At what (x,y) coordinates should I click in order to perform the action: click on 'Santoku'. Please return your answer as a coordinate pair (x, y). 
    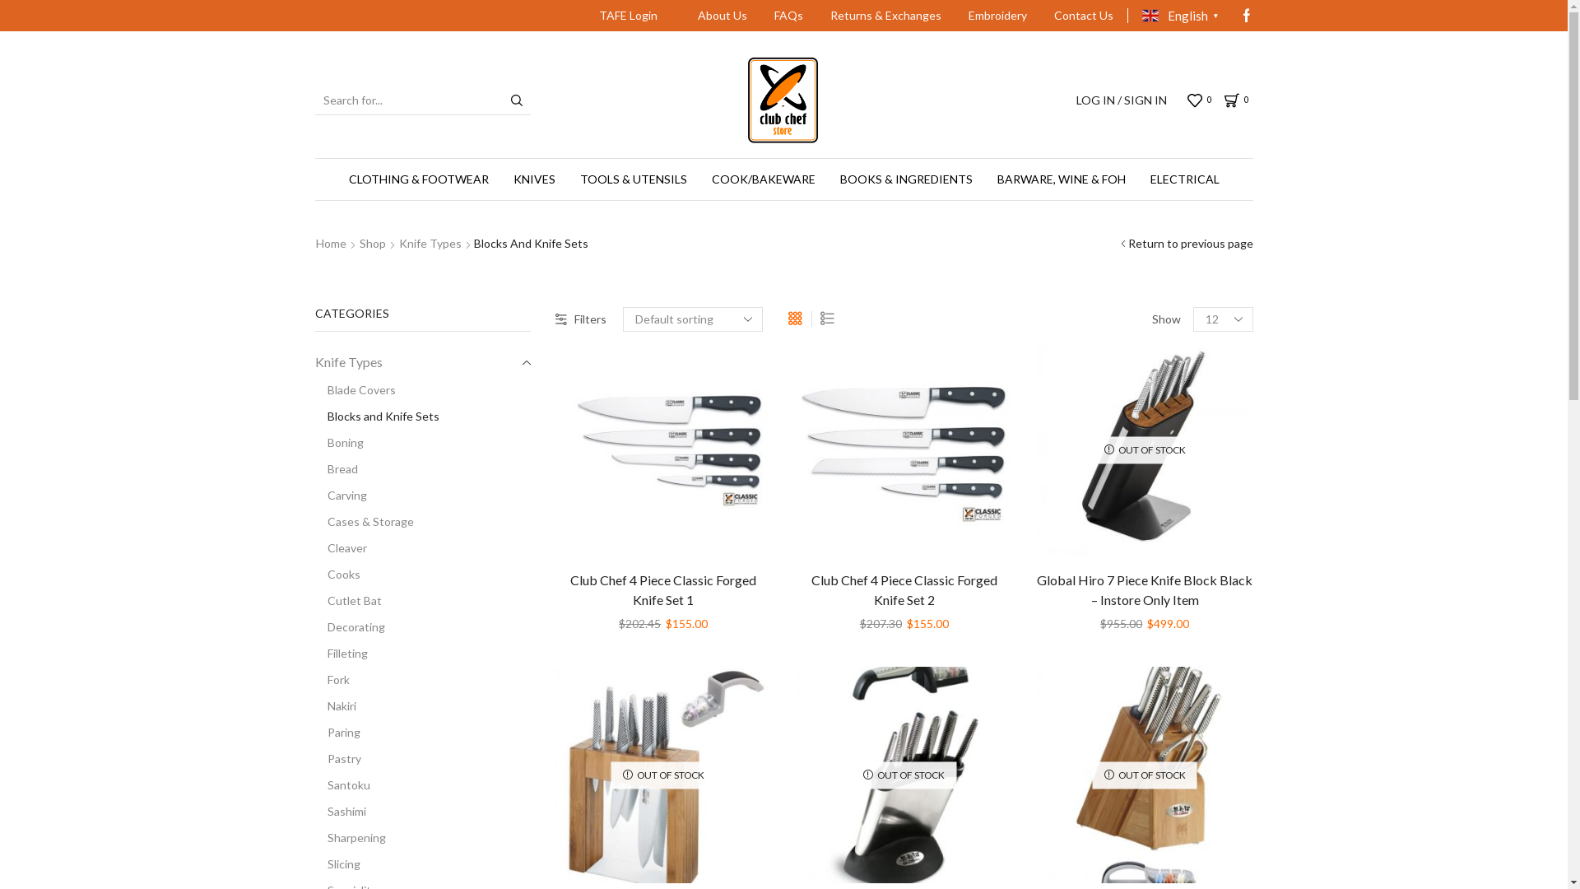
    Looking at the image, I should click on (341, 784).